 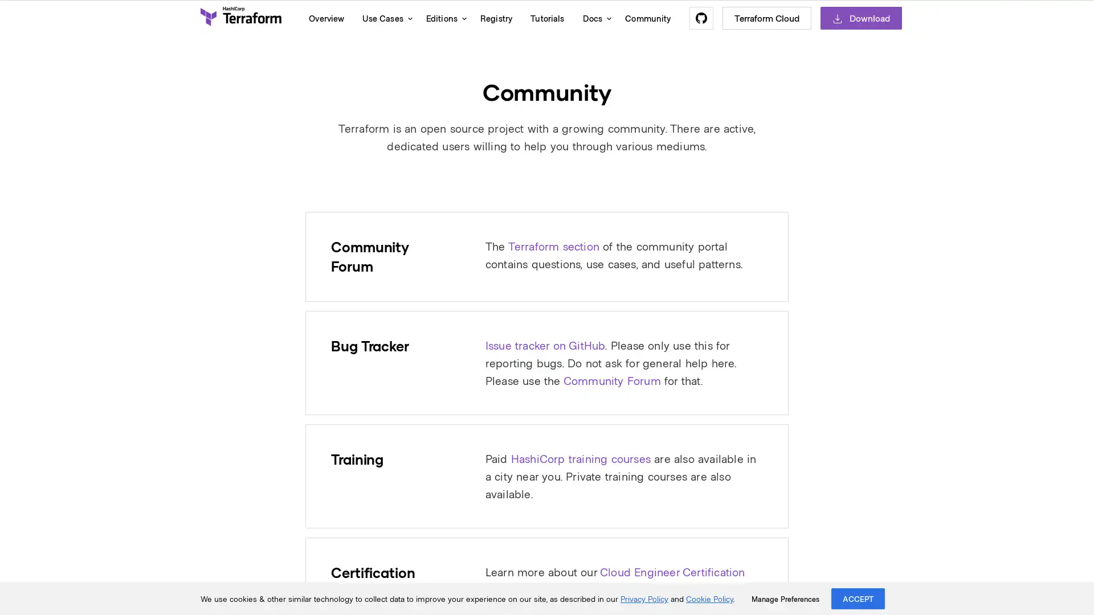 I want to click on Editions, so click(x=443, y=18).